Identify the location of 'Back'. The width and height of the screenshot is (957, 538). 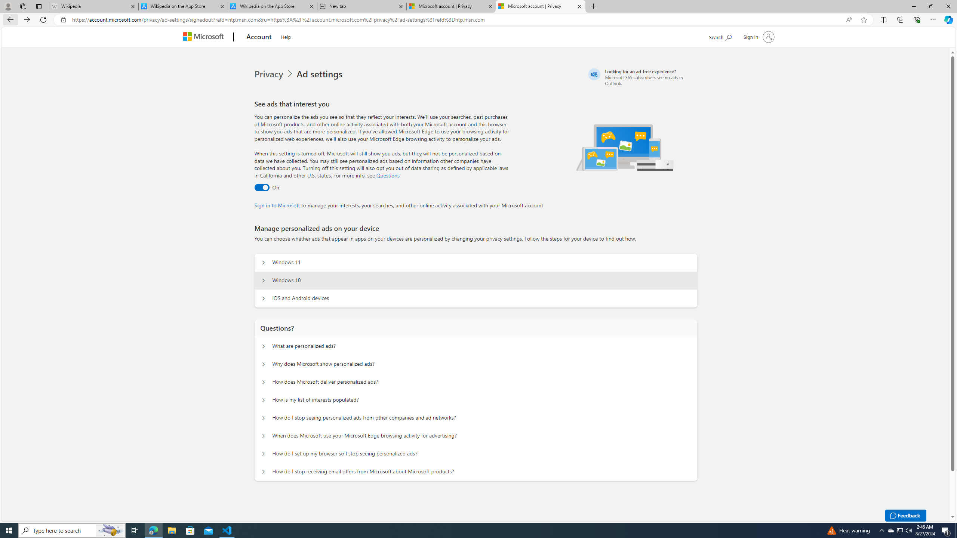
(9, 19).